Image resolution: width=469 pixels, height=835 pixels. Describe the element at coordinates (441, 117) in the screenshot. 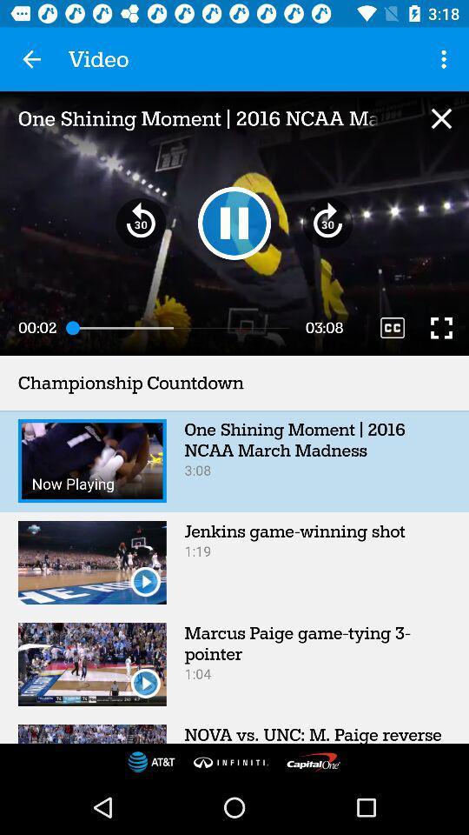

I see `the close icon` at that location.